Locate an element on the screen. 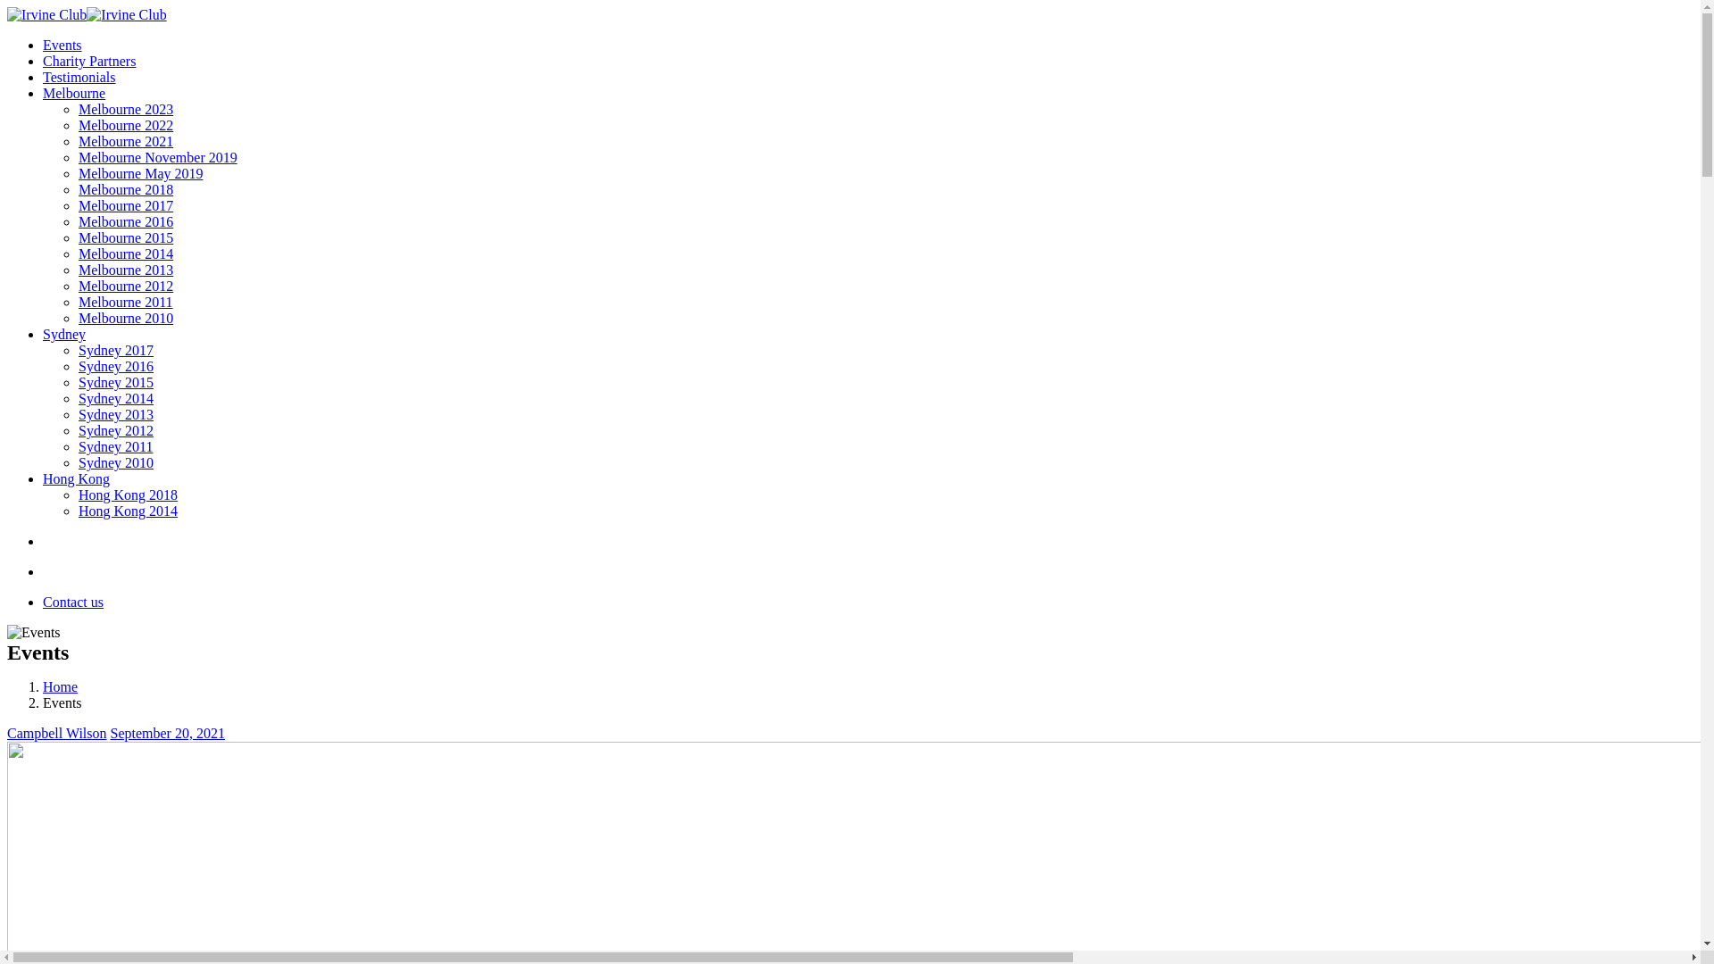  'Charity Partners' is located at coordinates (88, 60).